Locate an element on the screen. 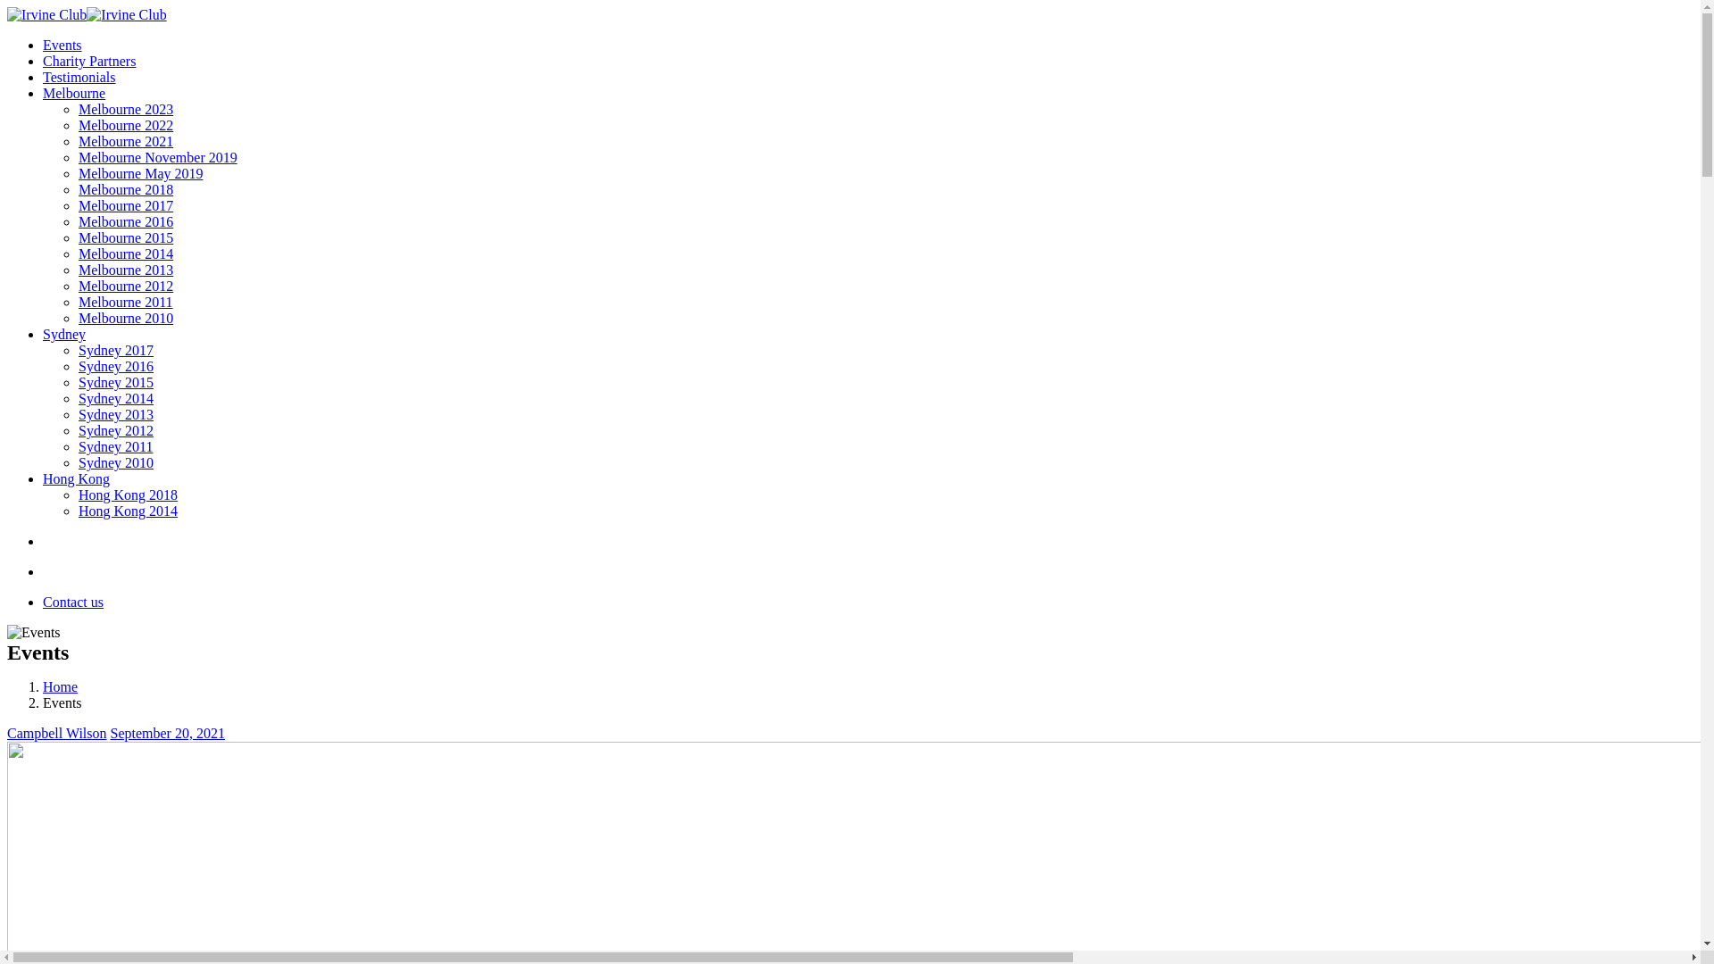  'Charity Partners' is located at coordinates (88, 60).